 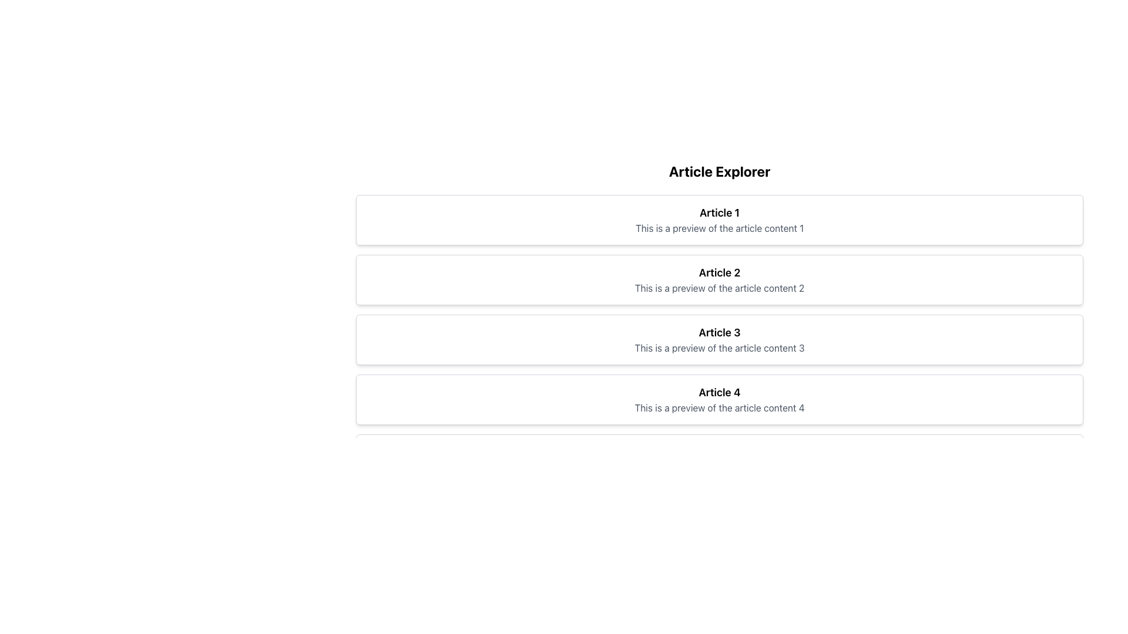 What do you see at coordinates (719, 407) in the screenshot?
I see `the label displaying a brief description or preview of 'Article 4', which is located below the title in a gray-colored font within the fourth box under 'Article Explorer'` at bounding box center [719, 407].